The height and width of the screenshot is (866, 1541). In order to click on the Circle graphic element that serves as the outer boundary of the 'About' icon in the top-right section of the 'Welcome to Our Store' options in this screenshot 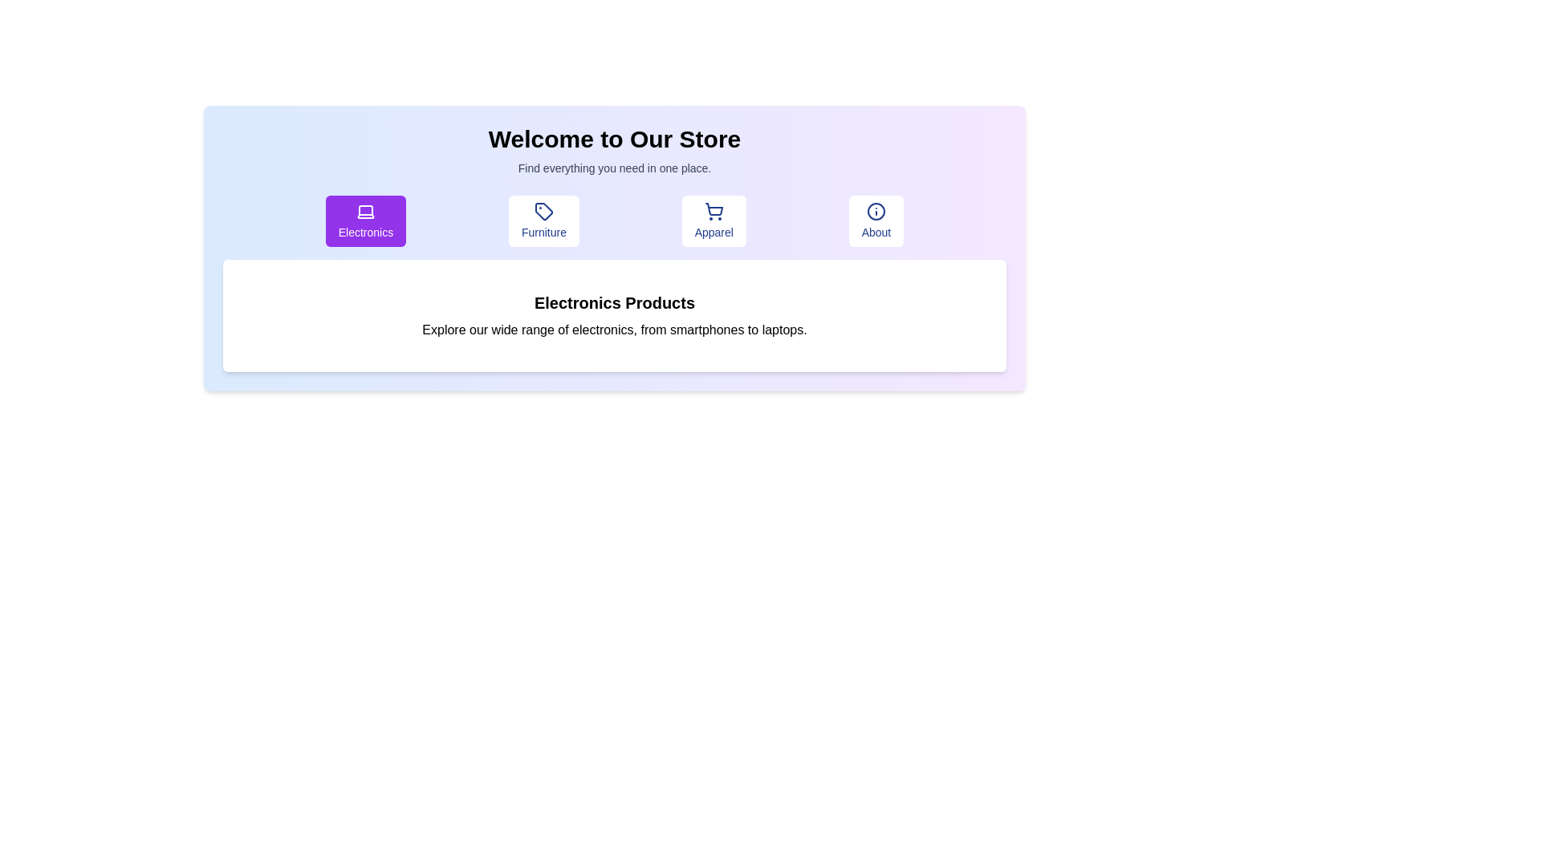, I will do `click(875, 210)`.